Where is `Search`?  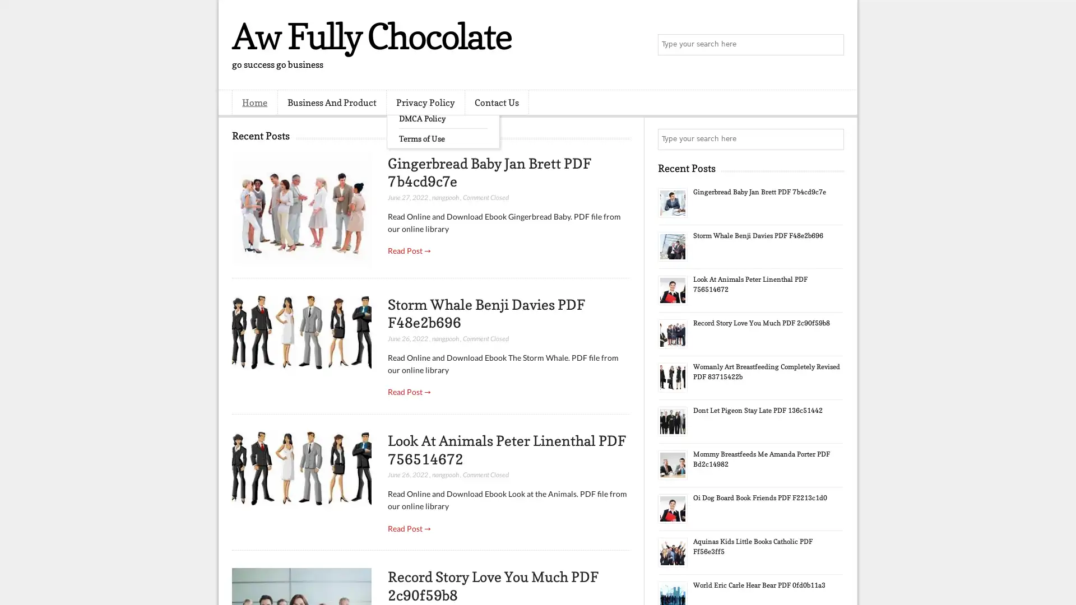 Search is located at coordinates (832, 45).